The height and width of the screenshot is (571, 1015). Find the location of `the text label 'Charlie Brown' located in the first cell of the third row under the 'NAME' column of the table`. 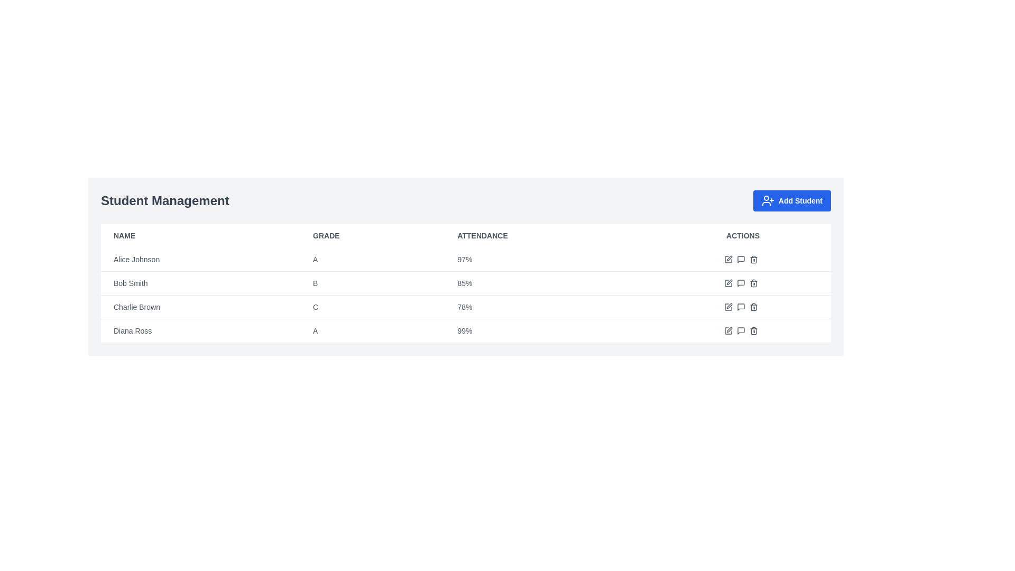

the text label 'Charlie Brown' located in the first cell of the third row under the 'NAME' column of the table is located at coordinates (136, 307).